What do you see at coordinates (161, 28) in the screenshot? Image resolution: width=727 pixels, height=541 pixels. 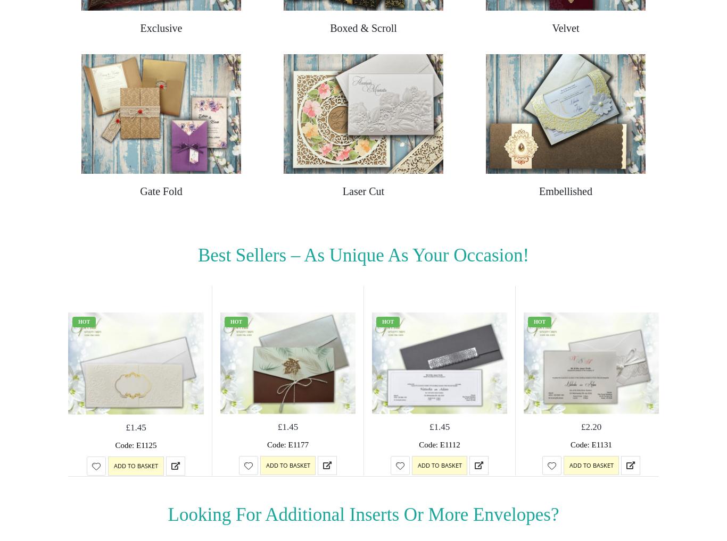 I see `'Exclusive'` at bounding box center [161, 28].